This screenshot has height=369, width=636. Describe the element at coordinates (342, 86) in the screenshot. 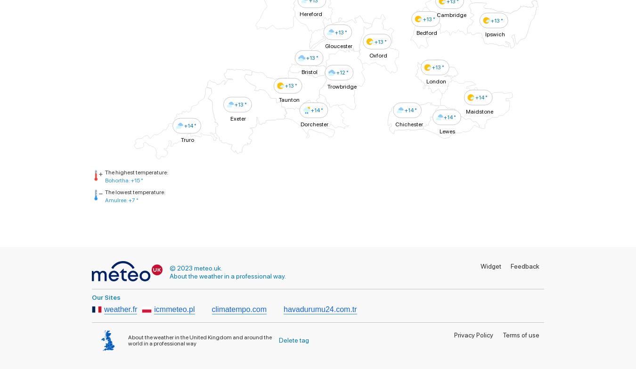

I see `'Trowbridge'` at that location.